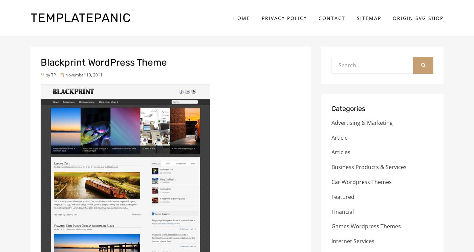  What do you see at coordinates (339, 137) in the screenshot?
I see `'Article'` at bounding box center [339, 137].